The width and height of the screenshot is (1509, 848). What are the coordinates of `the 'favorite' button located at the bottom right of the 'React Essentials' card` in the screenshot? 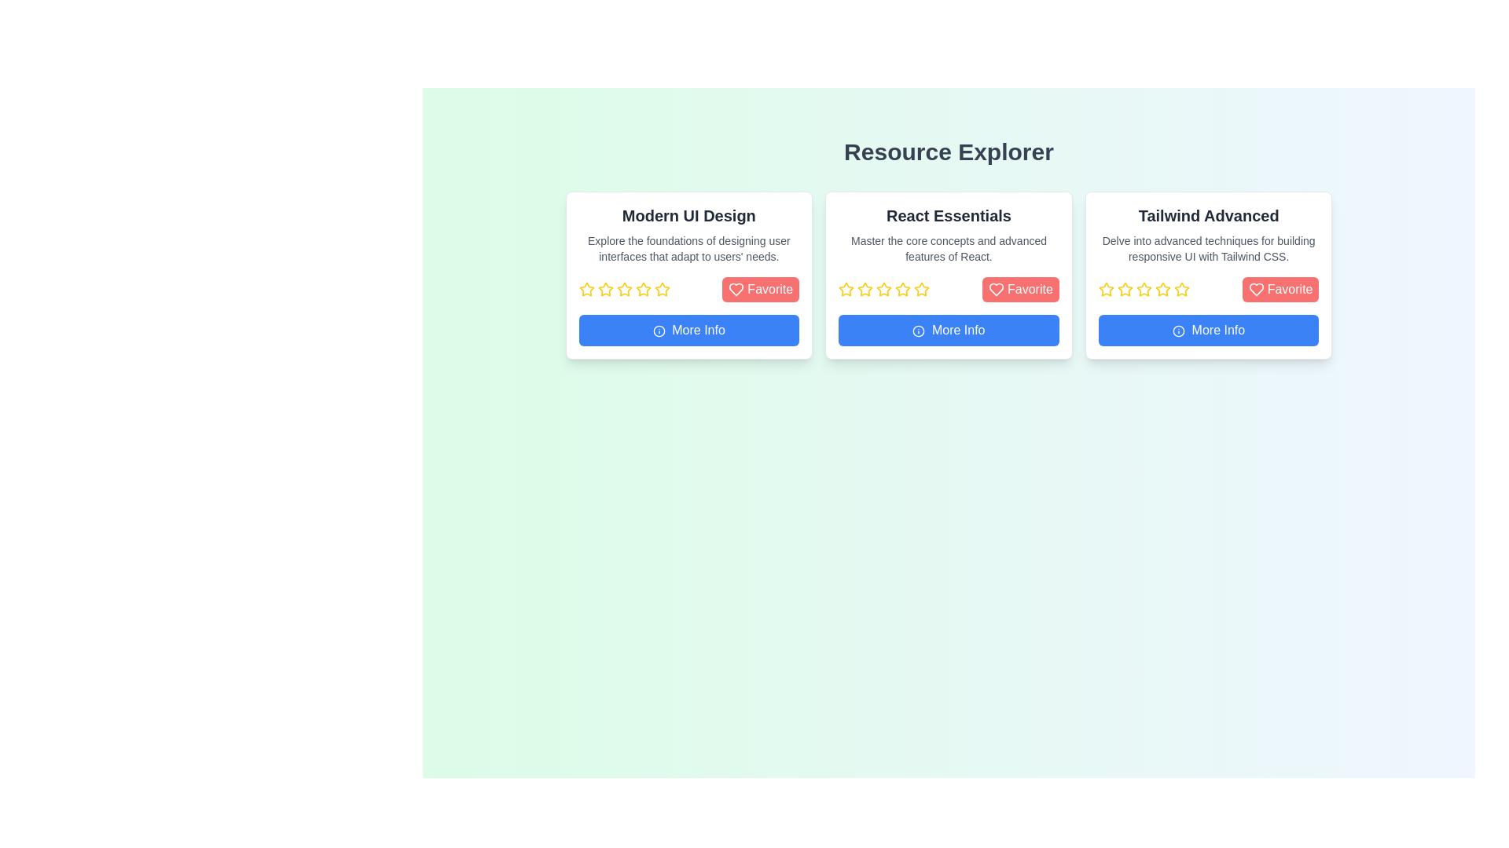 It's located at (1020, 290).